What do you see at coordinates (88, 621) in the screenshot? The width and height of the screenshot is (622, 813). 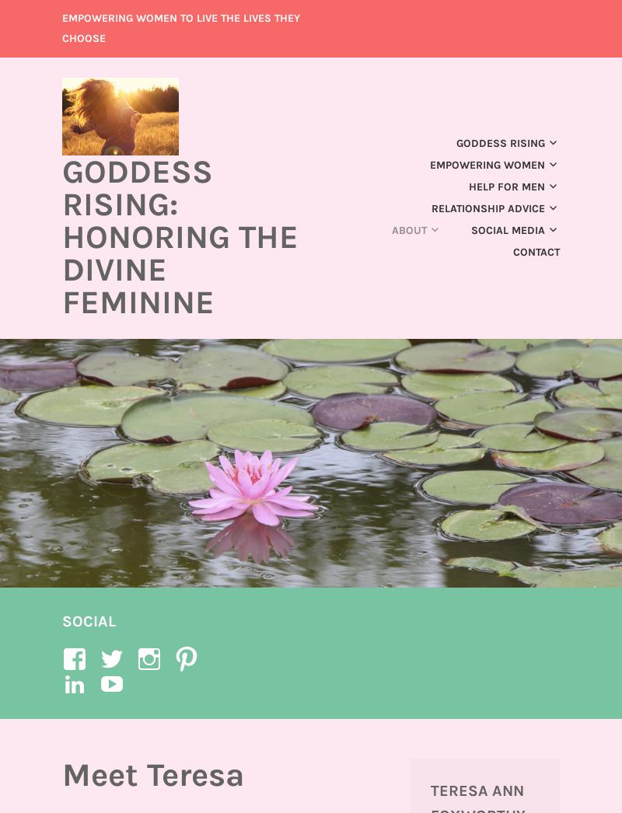 I see `'Social'` at bounding box center [88, 621].